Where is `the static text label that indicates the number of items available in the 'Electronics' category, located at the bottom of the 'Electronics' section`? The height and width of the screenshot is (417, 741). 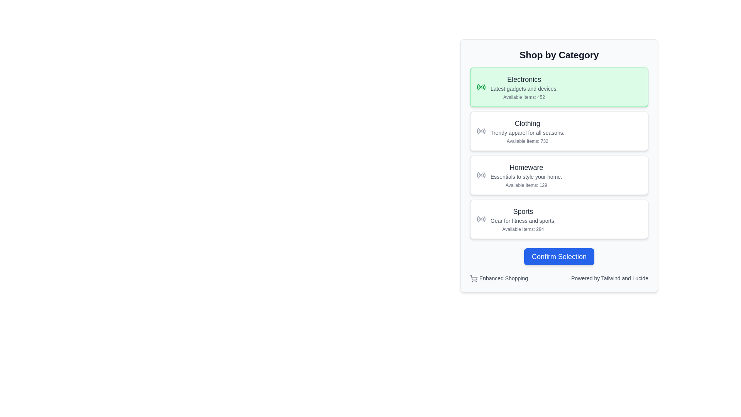 the static text label that indicates the number of items available in the 'Electronics' category, located at the bottom of the 'Electronics' section is located at coordinates (524, 97).